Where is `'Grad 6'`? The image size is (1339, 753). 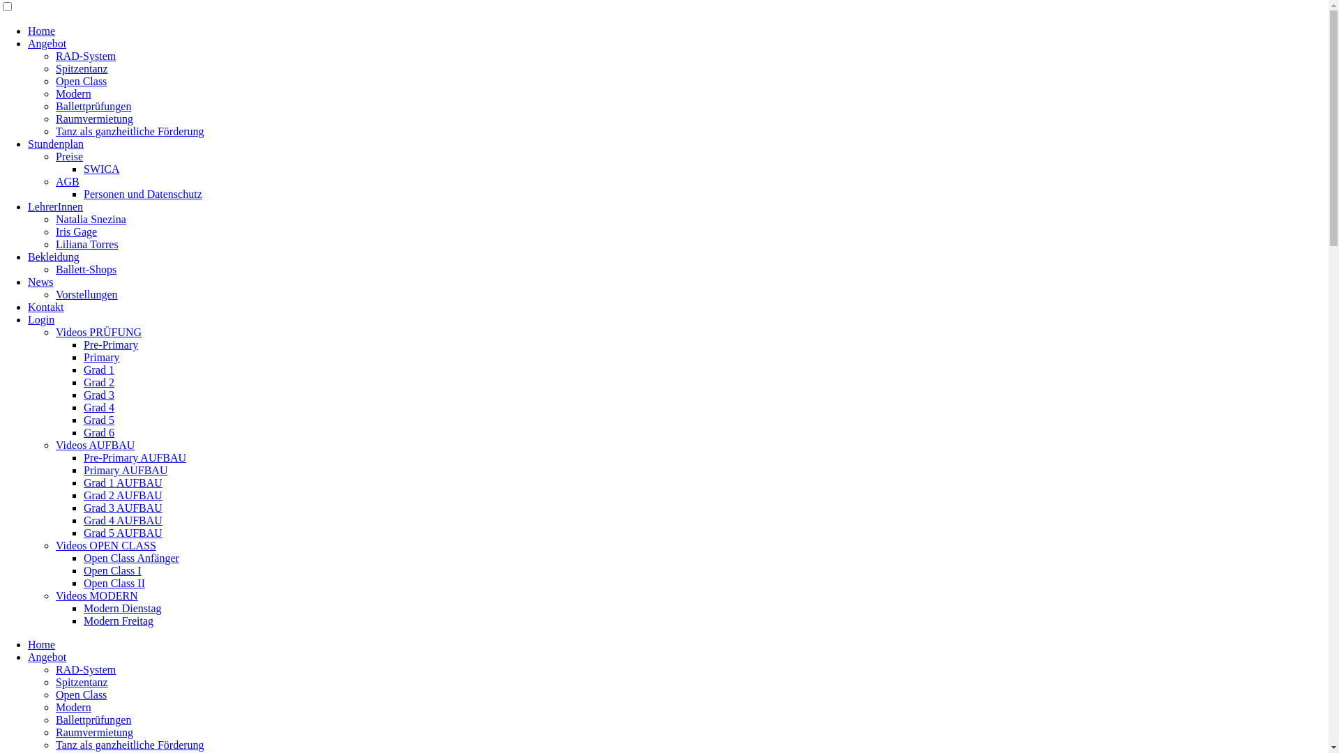
'Grad 6' is located at coordinates (98, 432).